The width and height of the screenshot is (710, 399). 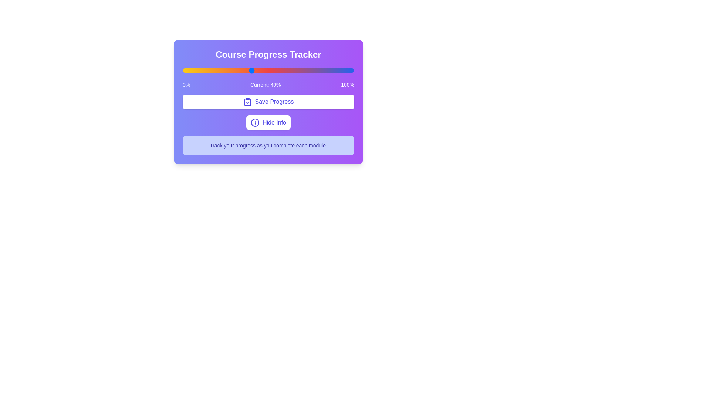 What do you see at coordinates (268, 85) in the screenshot?
I see `the static informational text displaying progress information, specifically the middle label 'Current: 40%', which is centrally aligned below the progress bar` at bounding box center [268, 85].